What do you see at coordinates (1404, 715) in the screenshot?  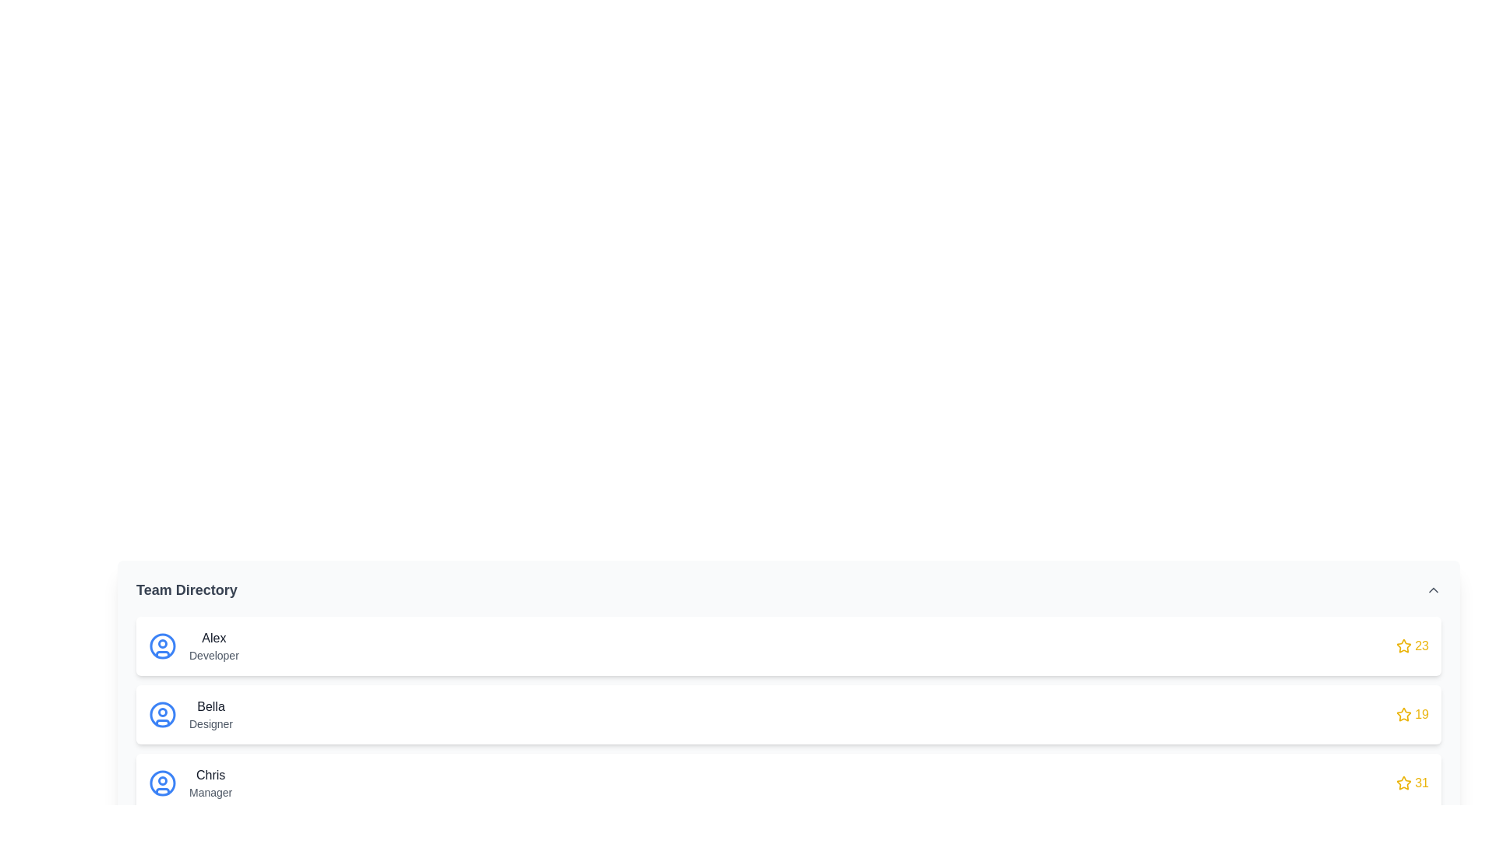 I see `the star icon with a yellow outline, which is located next to the numeric value '19' in the right section of the second row` at bounding box center [1404, 715].